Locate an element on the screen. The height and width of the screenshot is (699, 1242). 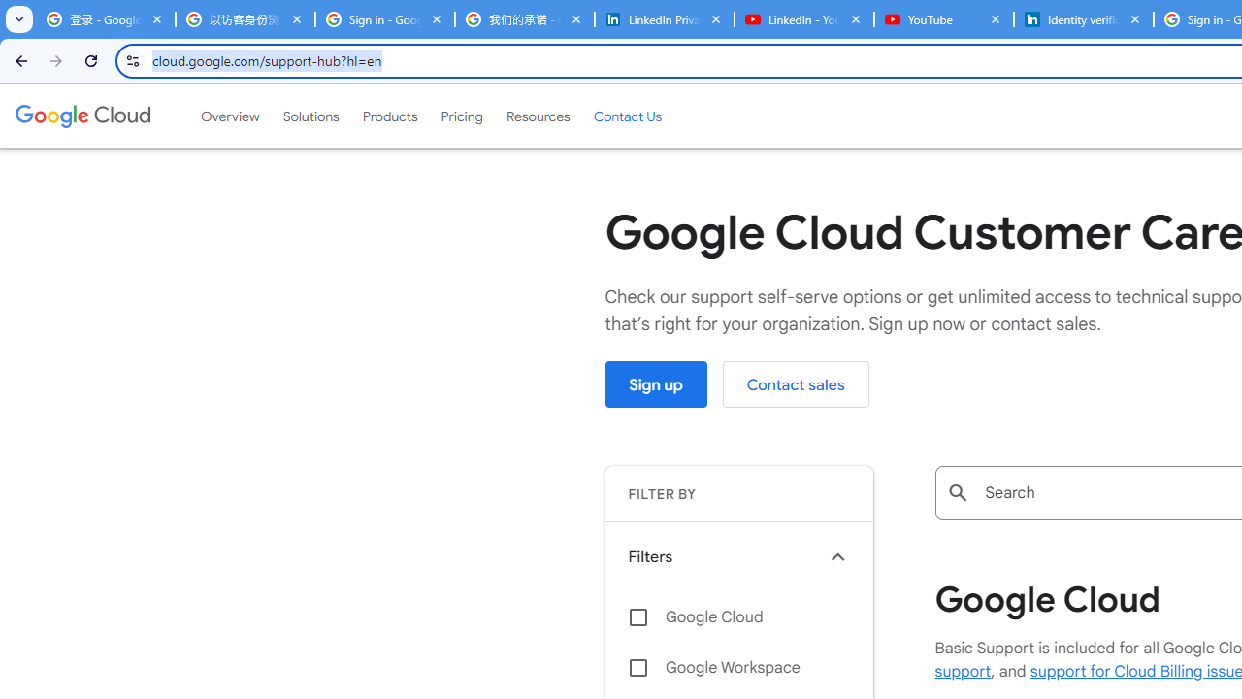
'Google Cloud' is located at coordinates (737, 616).